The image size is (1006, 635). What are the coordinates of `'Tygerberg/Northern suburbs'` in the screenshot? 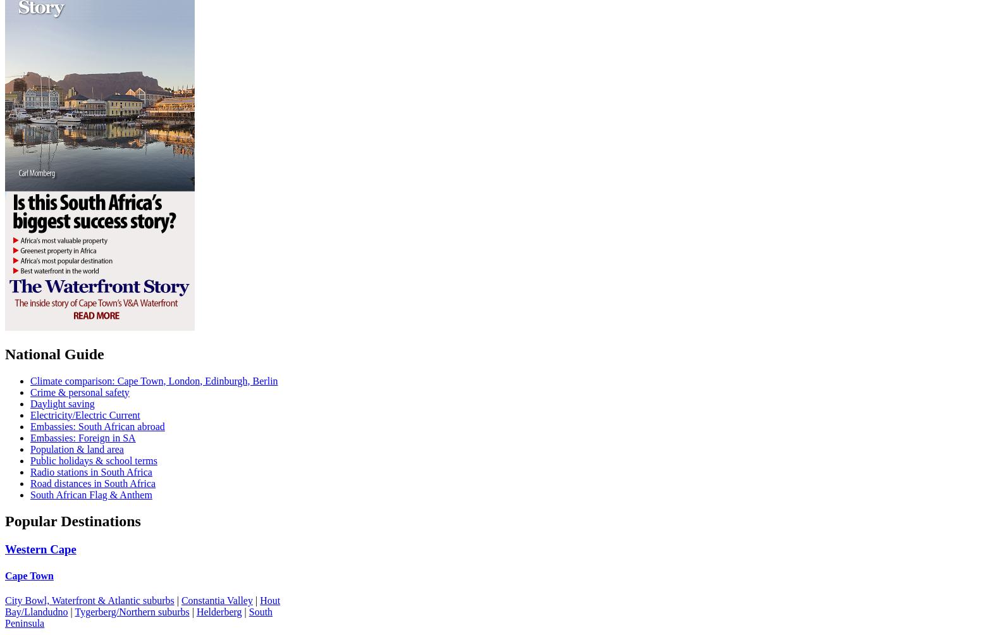 It's located at (131, 610).